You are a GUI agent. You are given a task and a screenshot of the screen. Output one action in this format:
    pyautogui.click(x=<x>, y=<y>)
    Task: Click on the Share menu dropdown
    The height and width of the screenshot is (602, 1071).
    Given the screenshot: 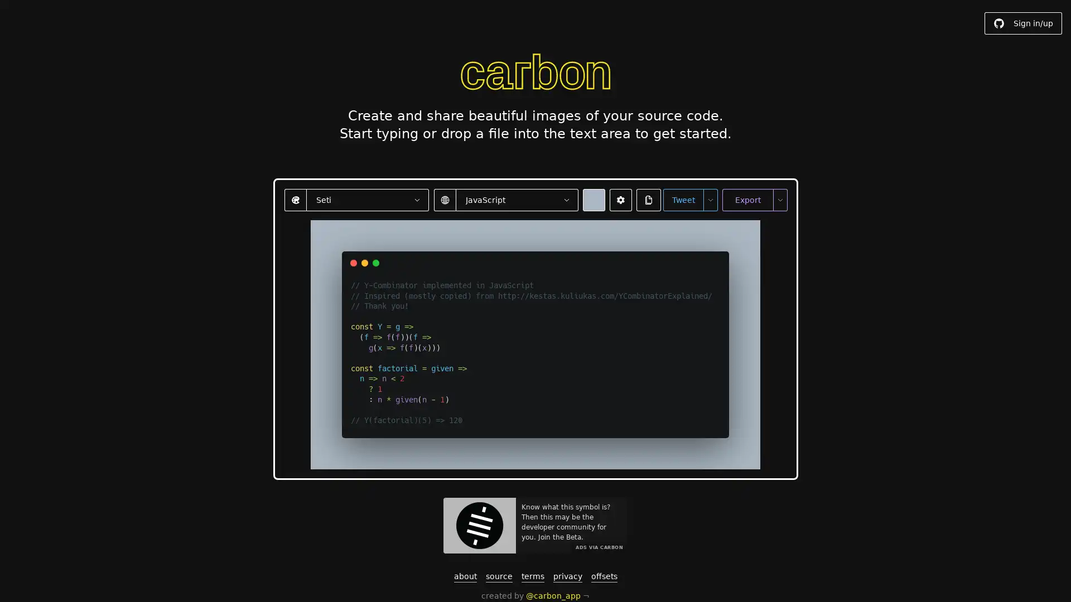 What is the action you would take?
    pyautogui.click(x=709, y=199)
    